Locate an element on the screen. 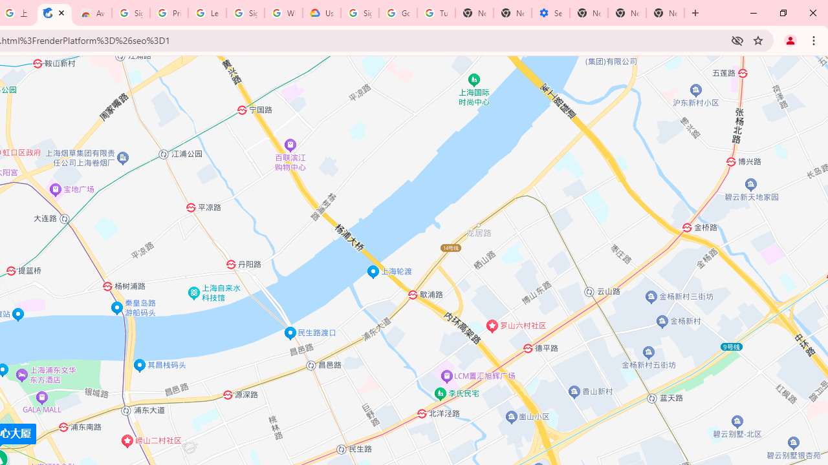  'Google Account Help' is located at coordinates (397, 13).